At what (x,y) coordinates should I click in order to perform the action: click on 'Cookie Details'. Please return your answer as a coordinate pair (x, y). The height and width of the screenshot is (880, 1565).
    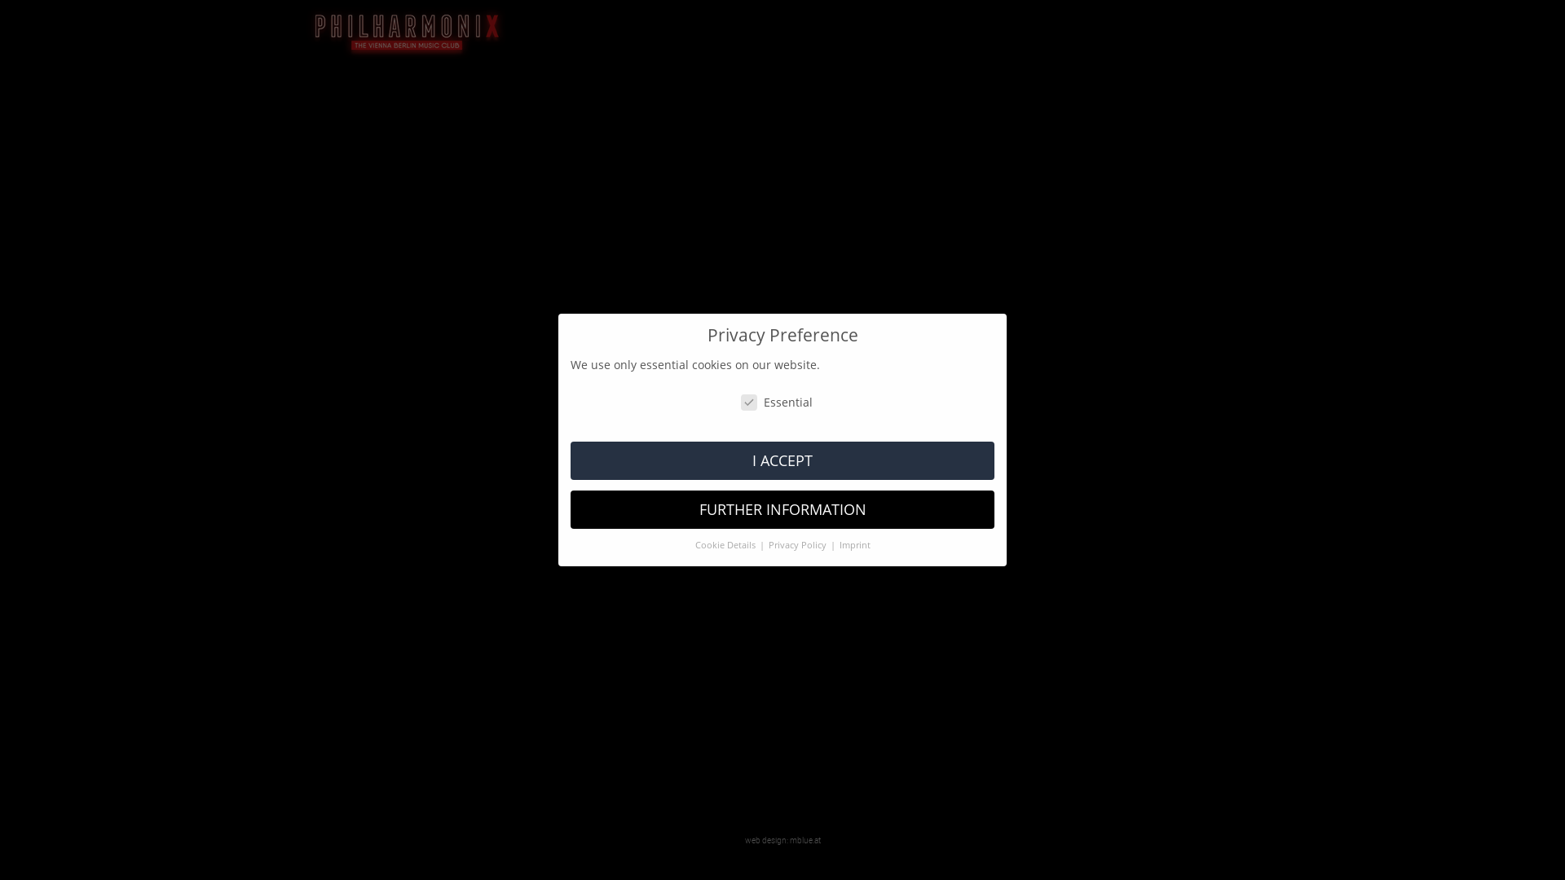
    Looking at the image, I should click on (725, 544).